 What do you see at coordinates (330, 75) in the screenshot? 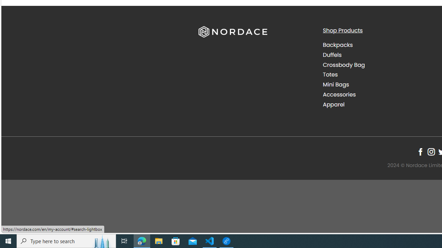
I see `'Totes'` at bounding box center [330, 75].